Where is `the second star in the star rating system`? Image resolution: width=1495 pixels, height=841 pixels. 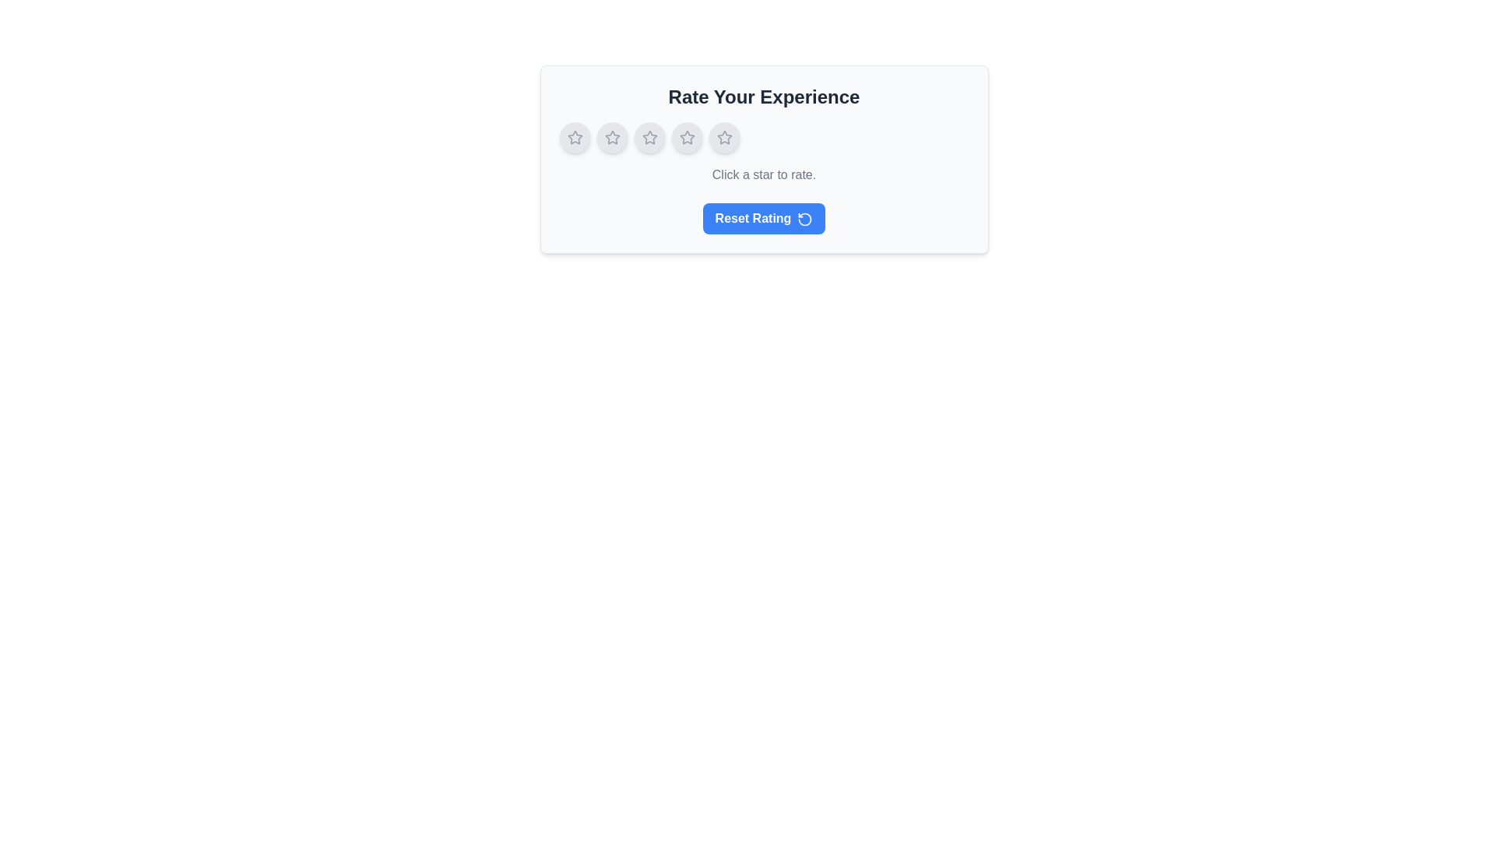
the second star in the star rating system is located at coordinates (649, 137).